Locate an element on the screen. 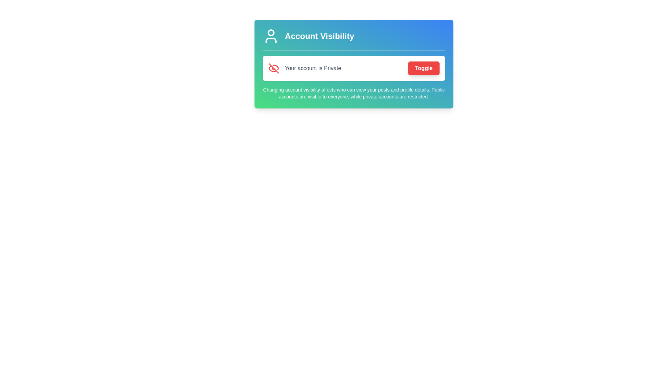  the bold red 'Toggle' button with white text is located at coordinates (423, 68).